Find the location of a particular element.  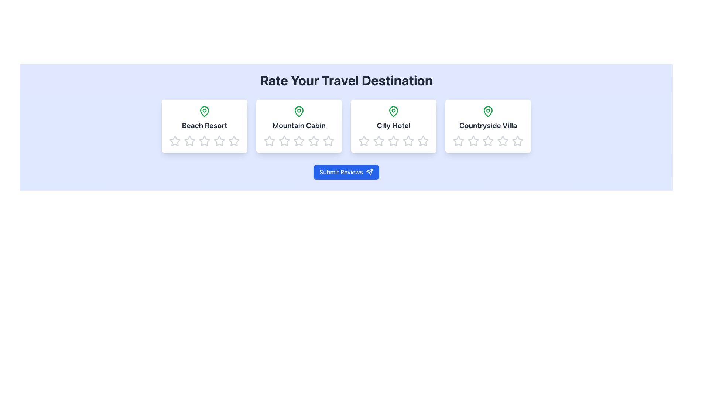

the third star icon to select the third rating level for the 'Countryside Villa' destination is located at coordinates (488, 141).